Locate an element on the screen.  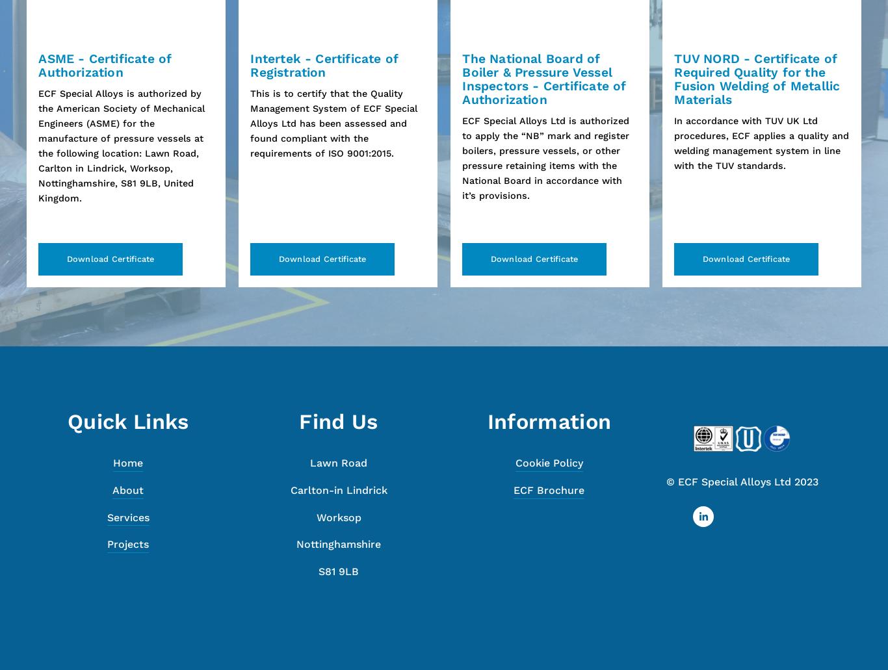
'TUV NORD - Certificate of Required Quality for the Fusion Welding of Metallic Materials' is located at coordinates (757, 78).